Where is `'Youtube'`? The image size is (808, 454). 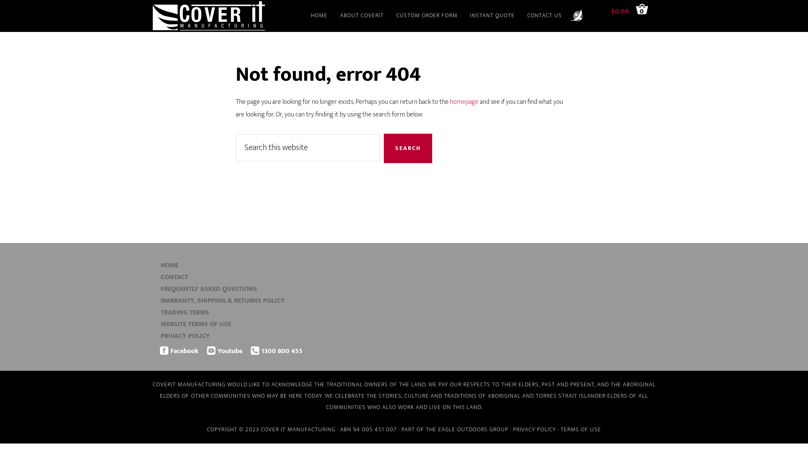
'Youtube' is located at coordinates (230, 351).